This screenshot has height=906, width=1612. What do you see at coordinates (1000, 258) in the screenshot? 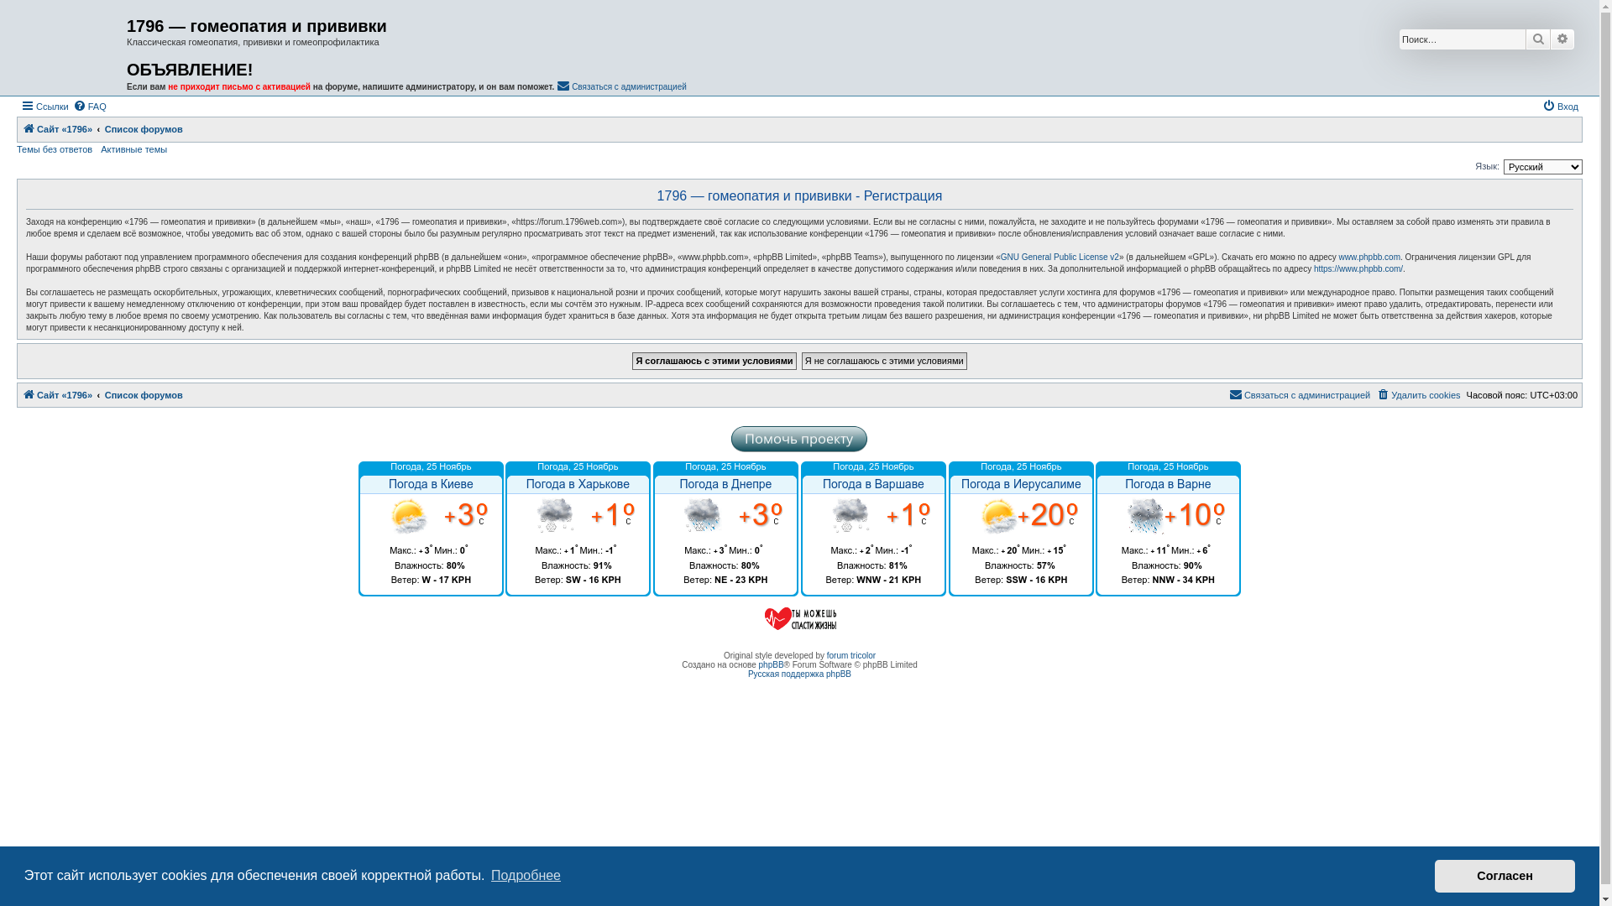
I see `'GNU General Public License v2'` at bounding box center [1000, 258].